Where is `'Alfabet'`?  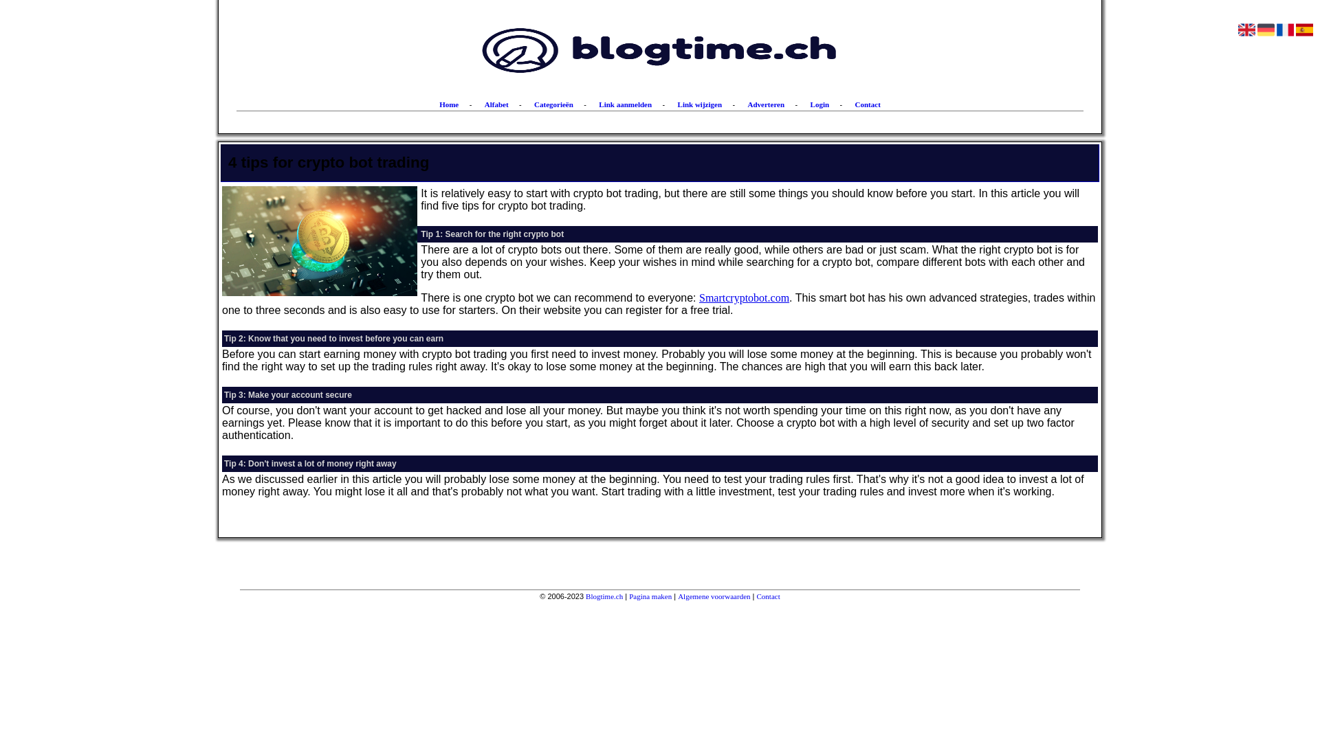 'Alfabet' is located at coordinates (496, 103).